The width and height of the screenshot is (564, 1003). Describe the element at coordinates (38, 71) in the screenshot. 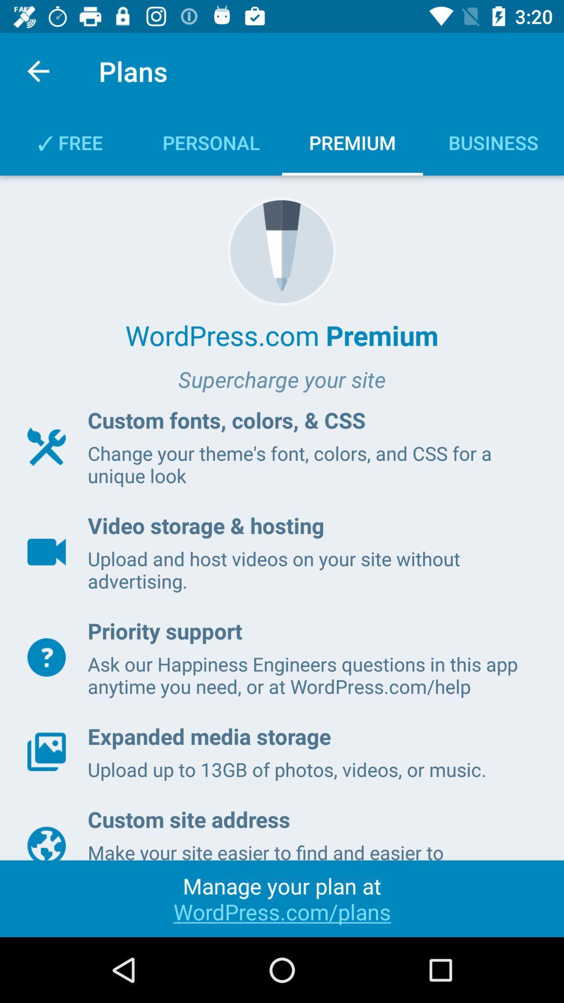

I see `the icon next to plans item` at that location.